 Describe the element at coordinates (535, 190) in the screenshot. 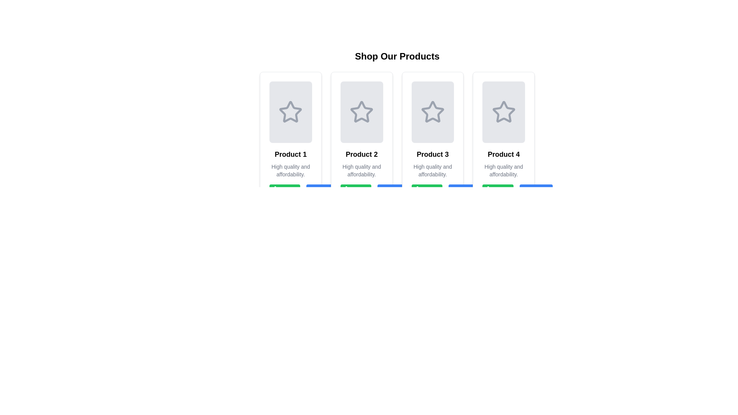

I see `the 'View' button, which is a blue rectangular button with rounded corners and white text, located at the rightmost position among the buttons beneath the 'Product 4' card to trigger hover effects` at that location.